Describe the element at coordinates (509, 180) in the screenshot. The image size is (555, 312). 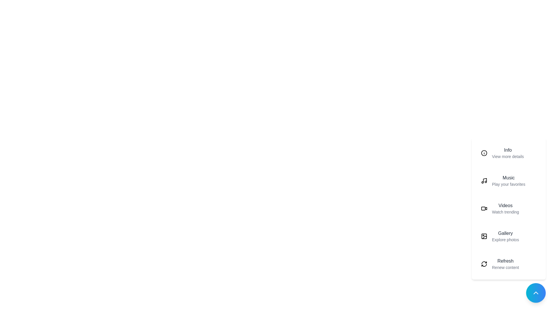
I see `the 'Music' item to play your favorites` at that location.